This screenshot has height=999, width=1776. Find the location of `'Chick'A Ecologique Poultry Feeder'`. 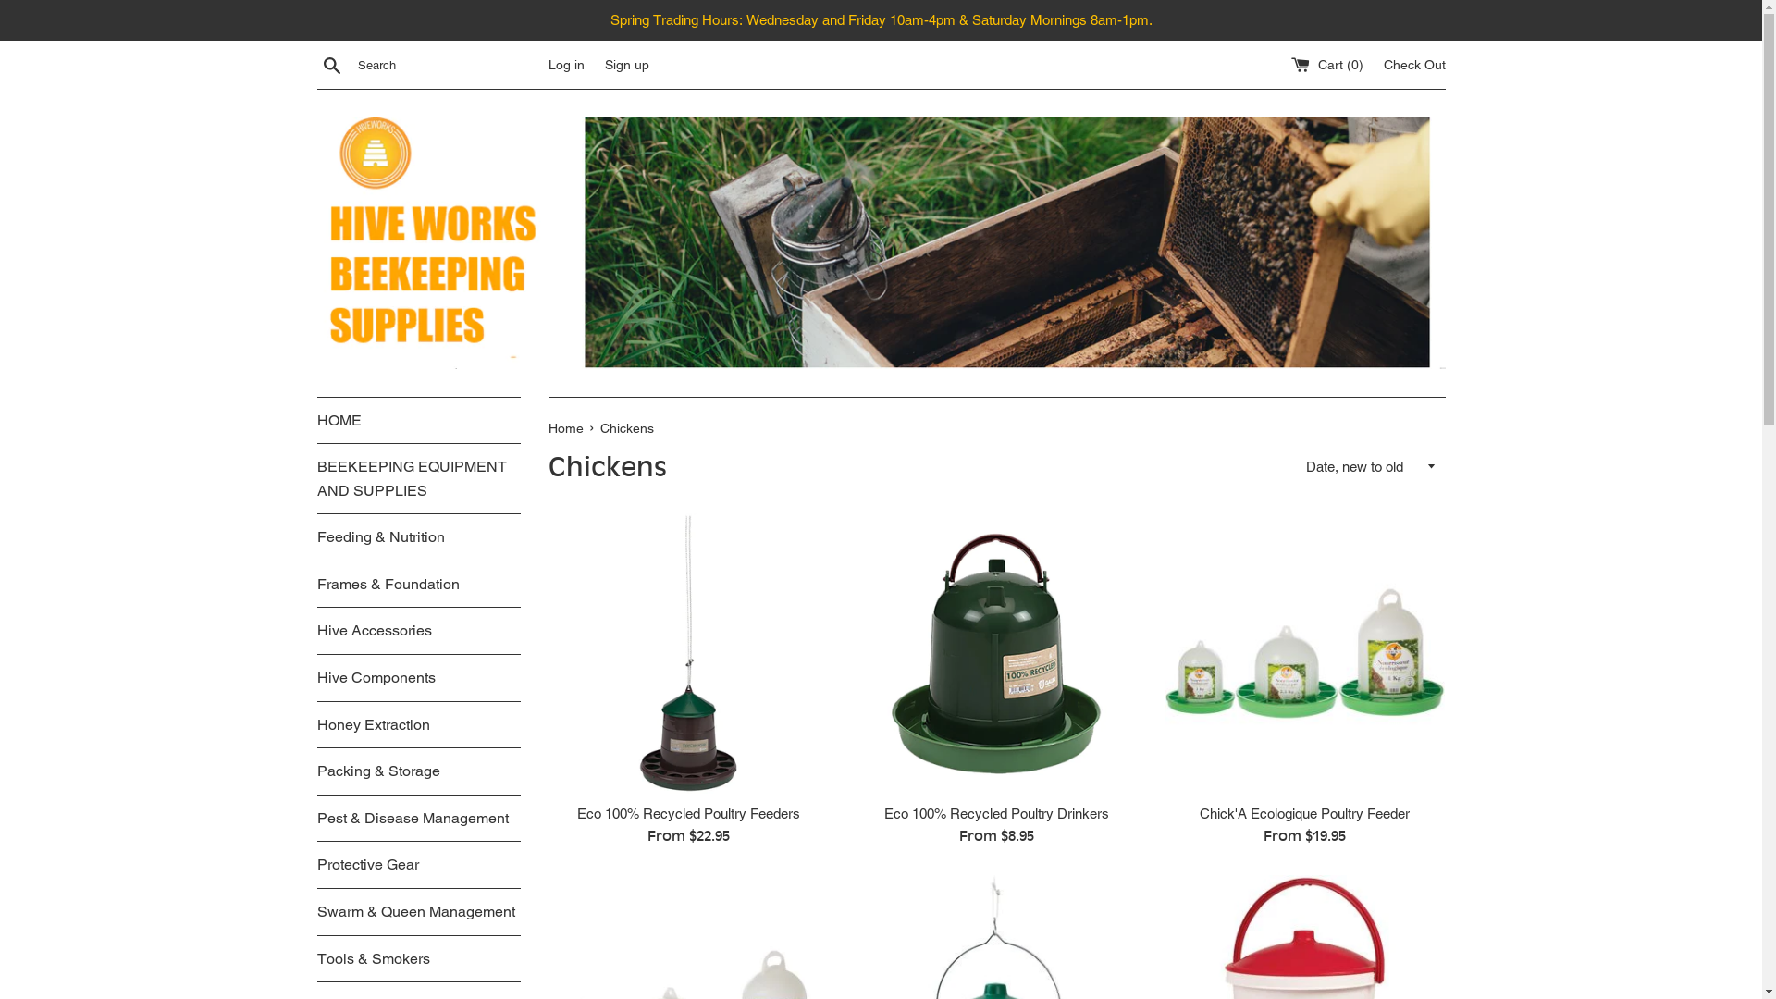

'Chick'A Ecologique Poultry Feeder' is located at coordinates (1303, 651).